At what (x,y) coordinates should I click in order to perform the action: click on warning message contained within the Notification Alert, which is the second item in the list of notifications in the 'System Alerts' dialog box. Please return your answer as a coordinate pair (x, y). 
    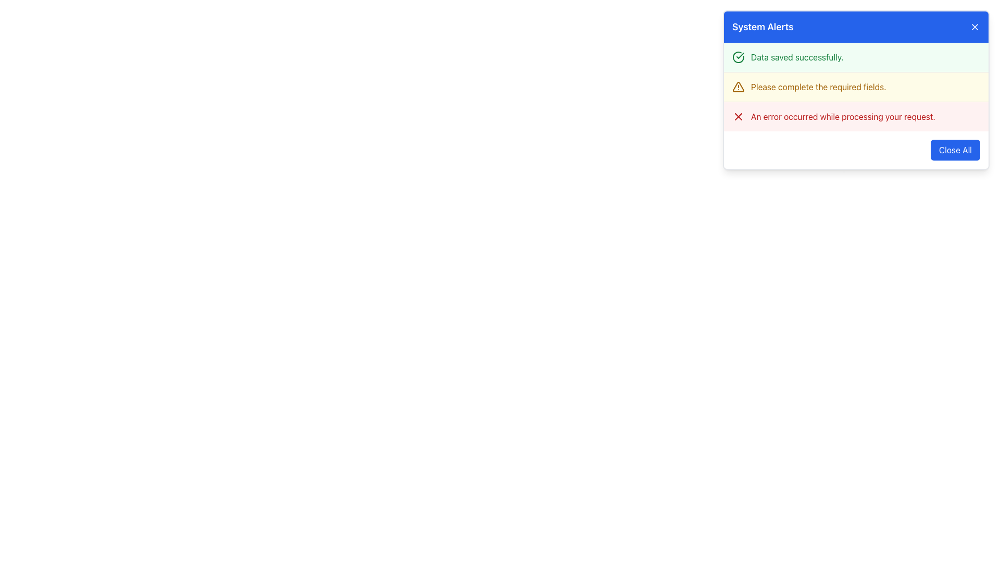
    Looking at the image, I should click on (856, 90).